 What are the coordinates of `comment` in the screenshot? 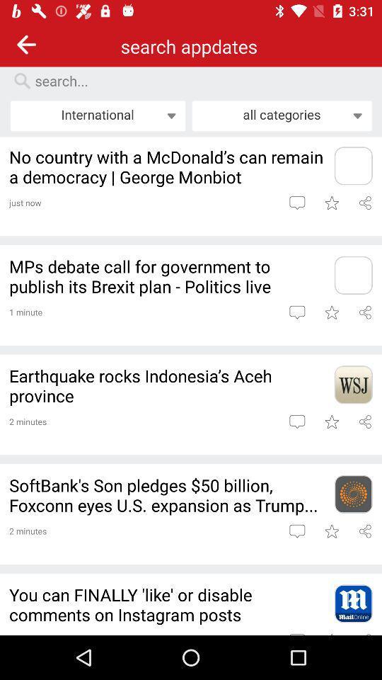 It's located at (296, 530).